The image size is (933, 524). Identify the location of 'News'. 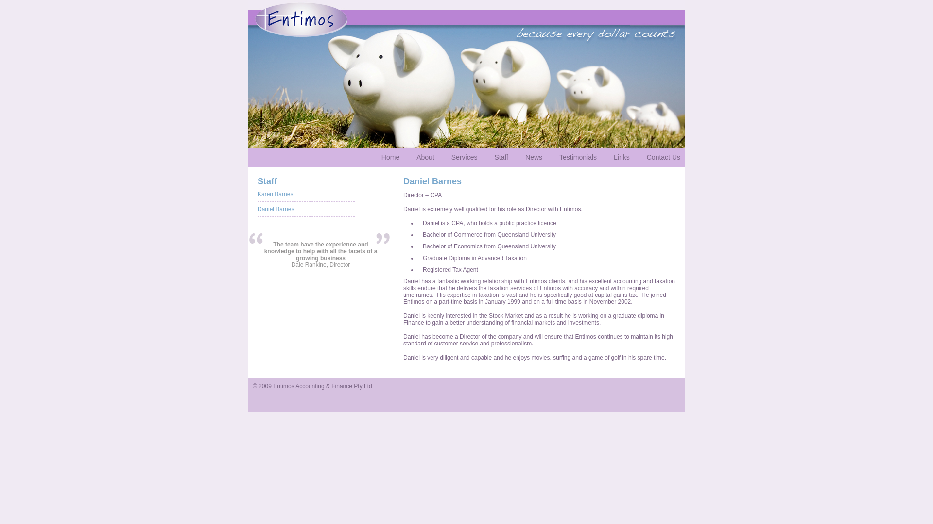
(533, 157).